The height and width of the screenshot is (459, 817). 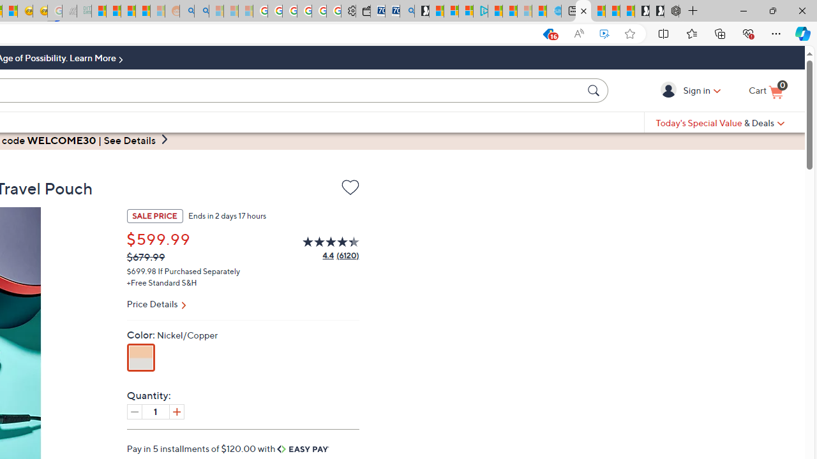 What do you see at coordinates (69, 11) in the screenshot?
I see `'Navy Quest'` at bounding box center [69, 11].